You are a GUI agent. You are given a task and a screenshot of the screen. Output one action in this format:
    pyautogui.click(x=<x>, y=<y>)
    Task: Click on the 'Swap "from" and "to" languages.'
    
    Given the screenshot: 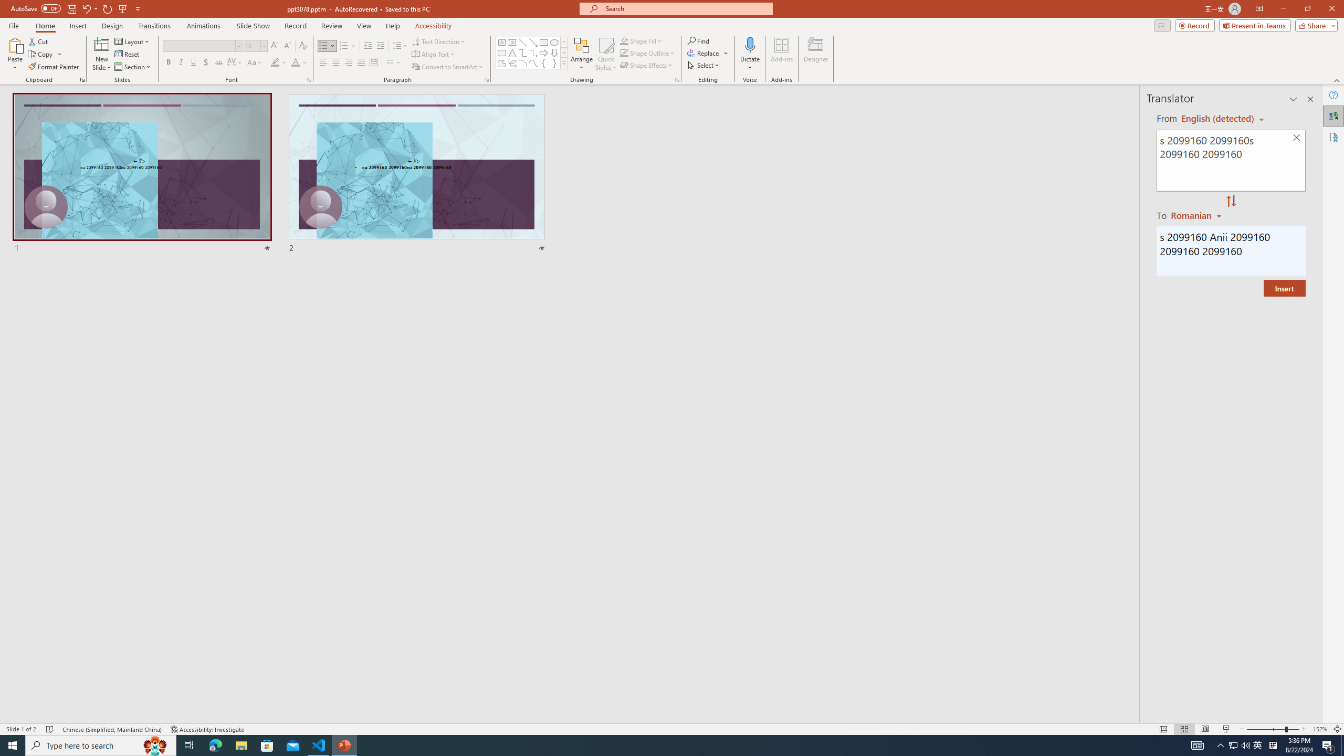 What is the action you would take?
    pyautogui.click(x=1230, y=201)
    